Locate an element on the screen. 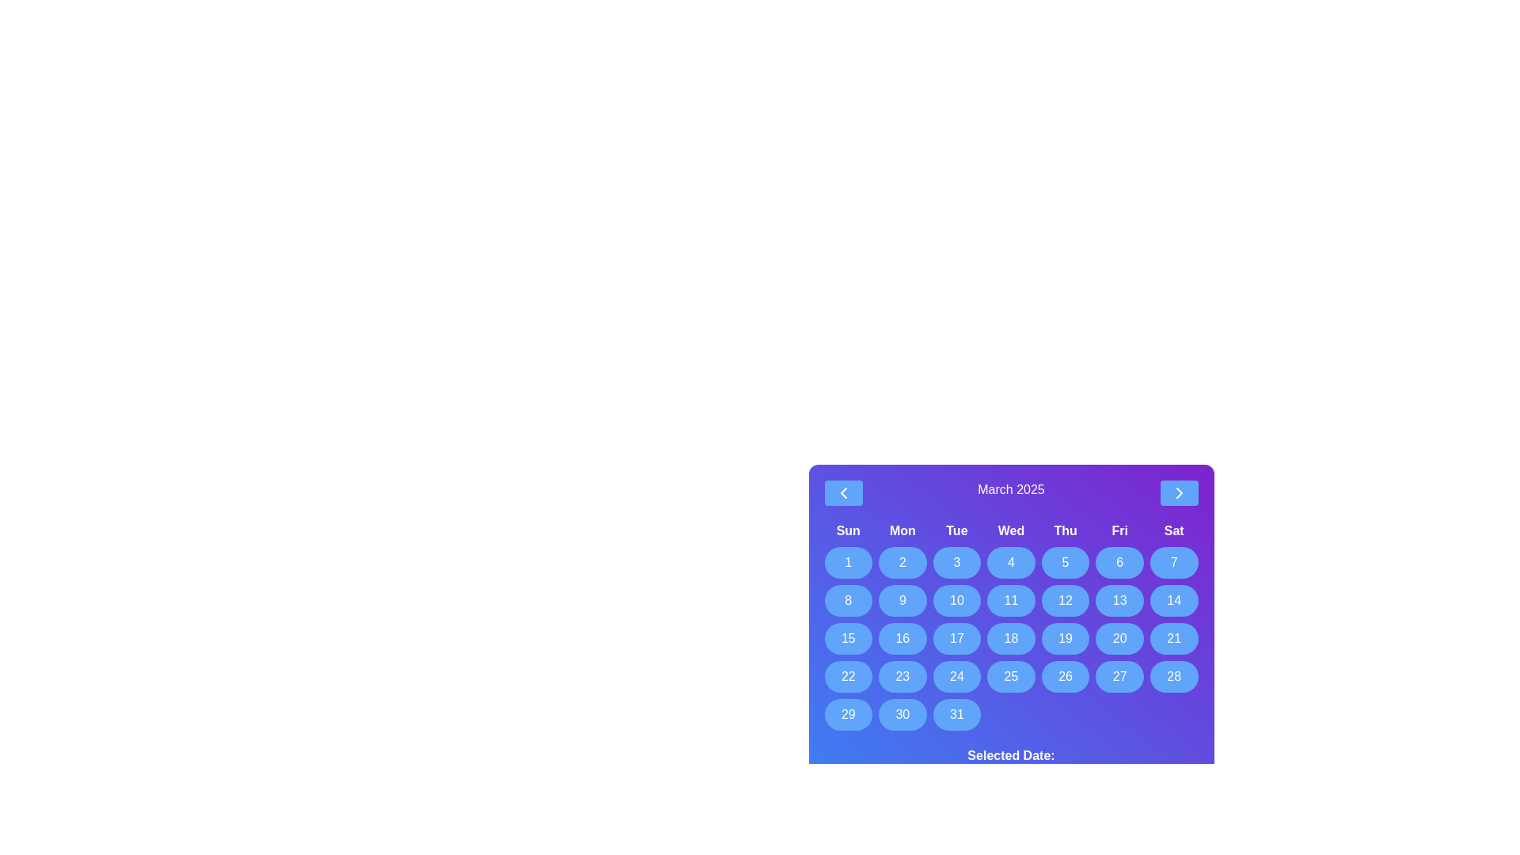 This screenshot has width=1520, height=855. the circular button displaying '21' in white text on a blue background, located under 'Sat' in the last column of the fourth row in the calendar interface is located at coordinates (1174, 637).